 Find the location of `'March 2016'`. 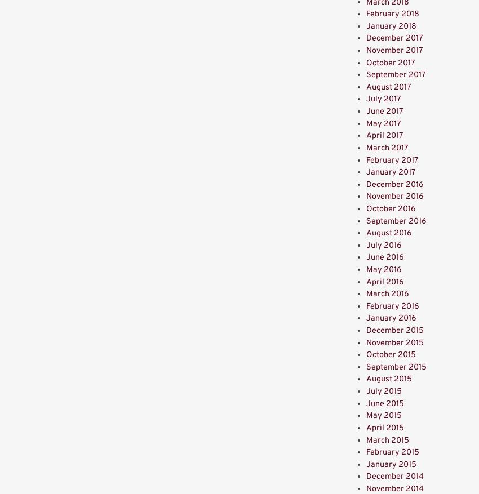

'March 2016' is located at coordinates (387, 293).